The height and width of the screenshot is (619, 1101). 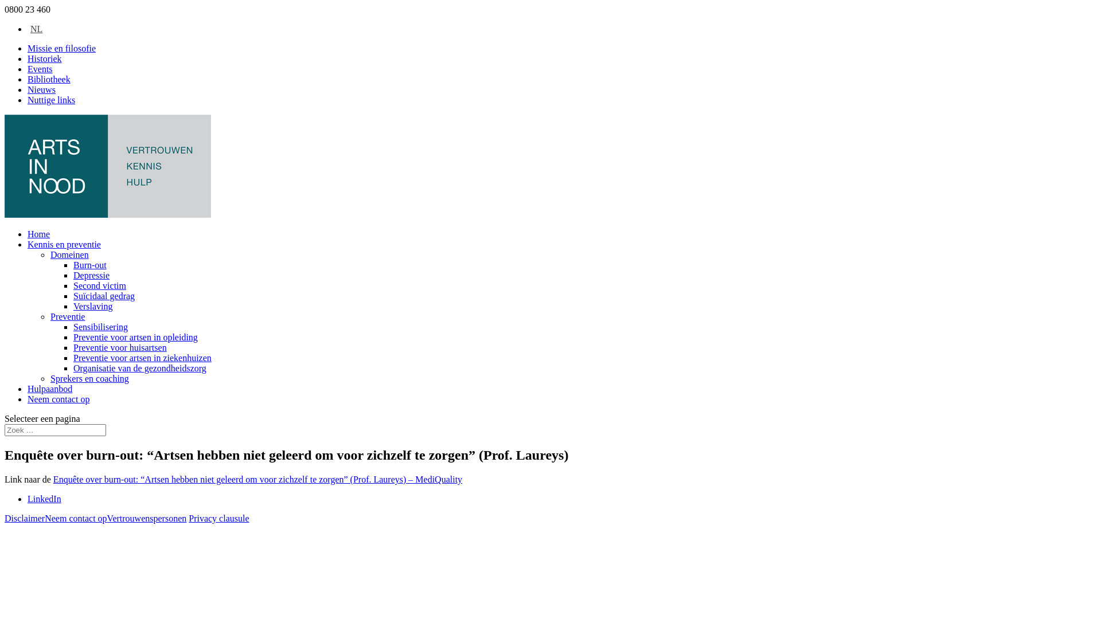 I want to click on 'Hulpaanbod', so click(x=49, y=388).